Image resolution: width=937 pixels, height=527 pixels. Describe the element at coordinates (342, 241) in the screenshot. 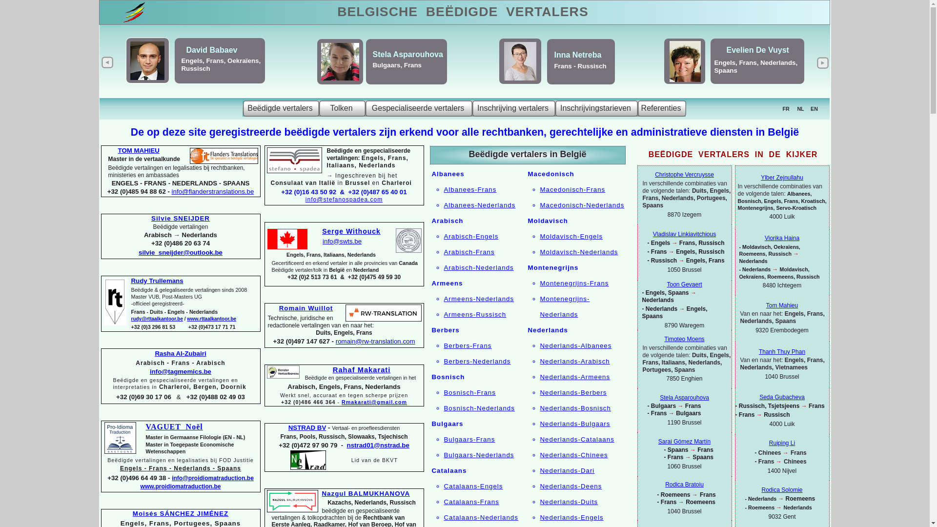

I see `'info@swts.be'` at that location.